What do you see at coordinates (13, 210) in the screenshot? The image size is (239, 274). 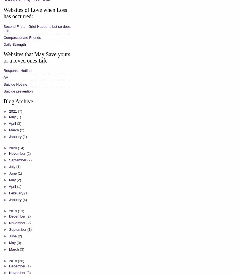 I see `'2019'` at bounding box center [13, 210].